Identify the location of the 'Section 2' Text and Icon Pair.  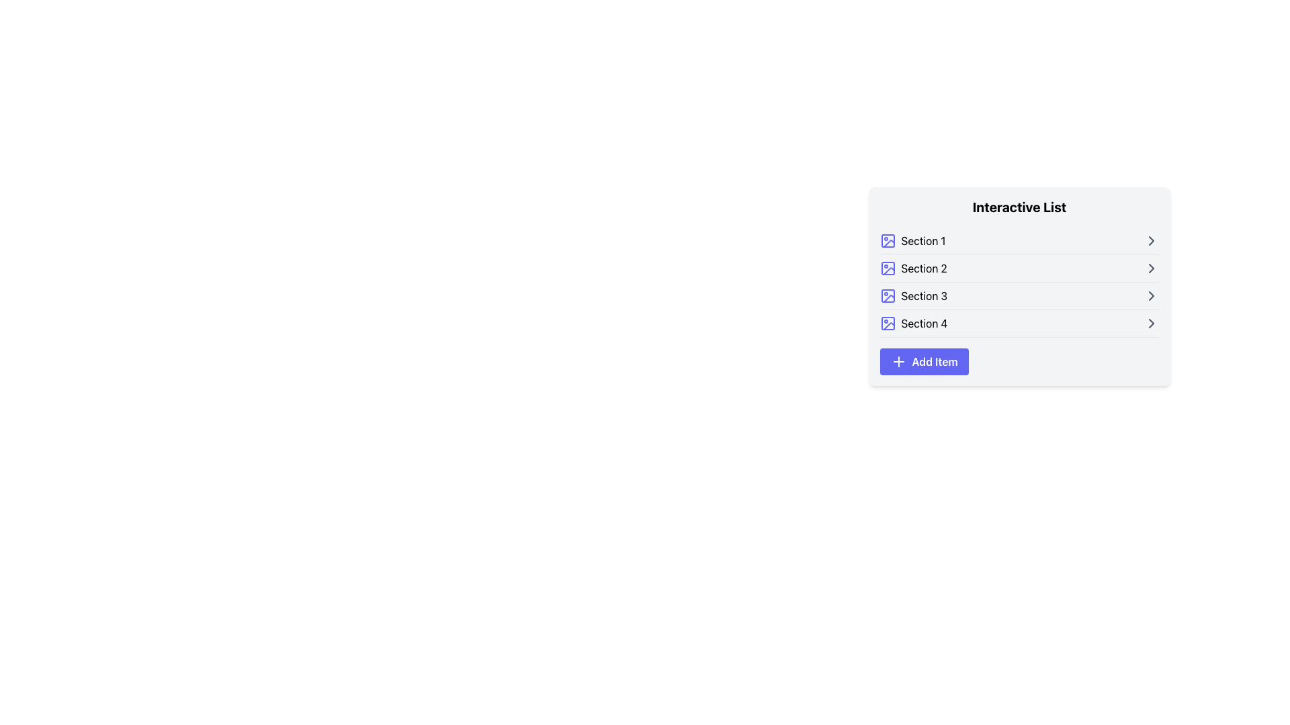
(913, 269).